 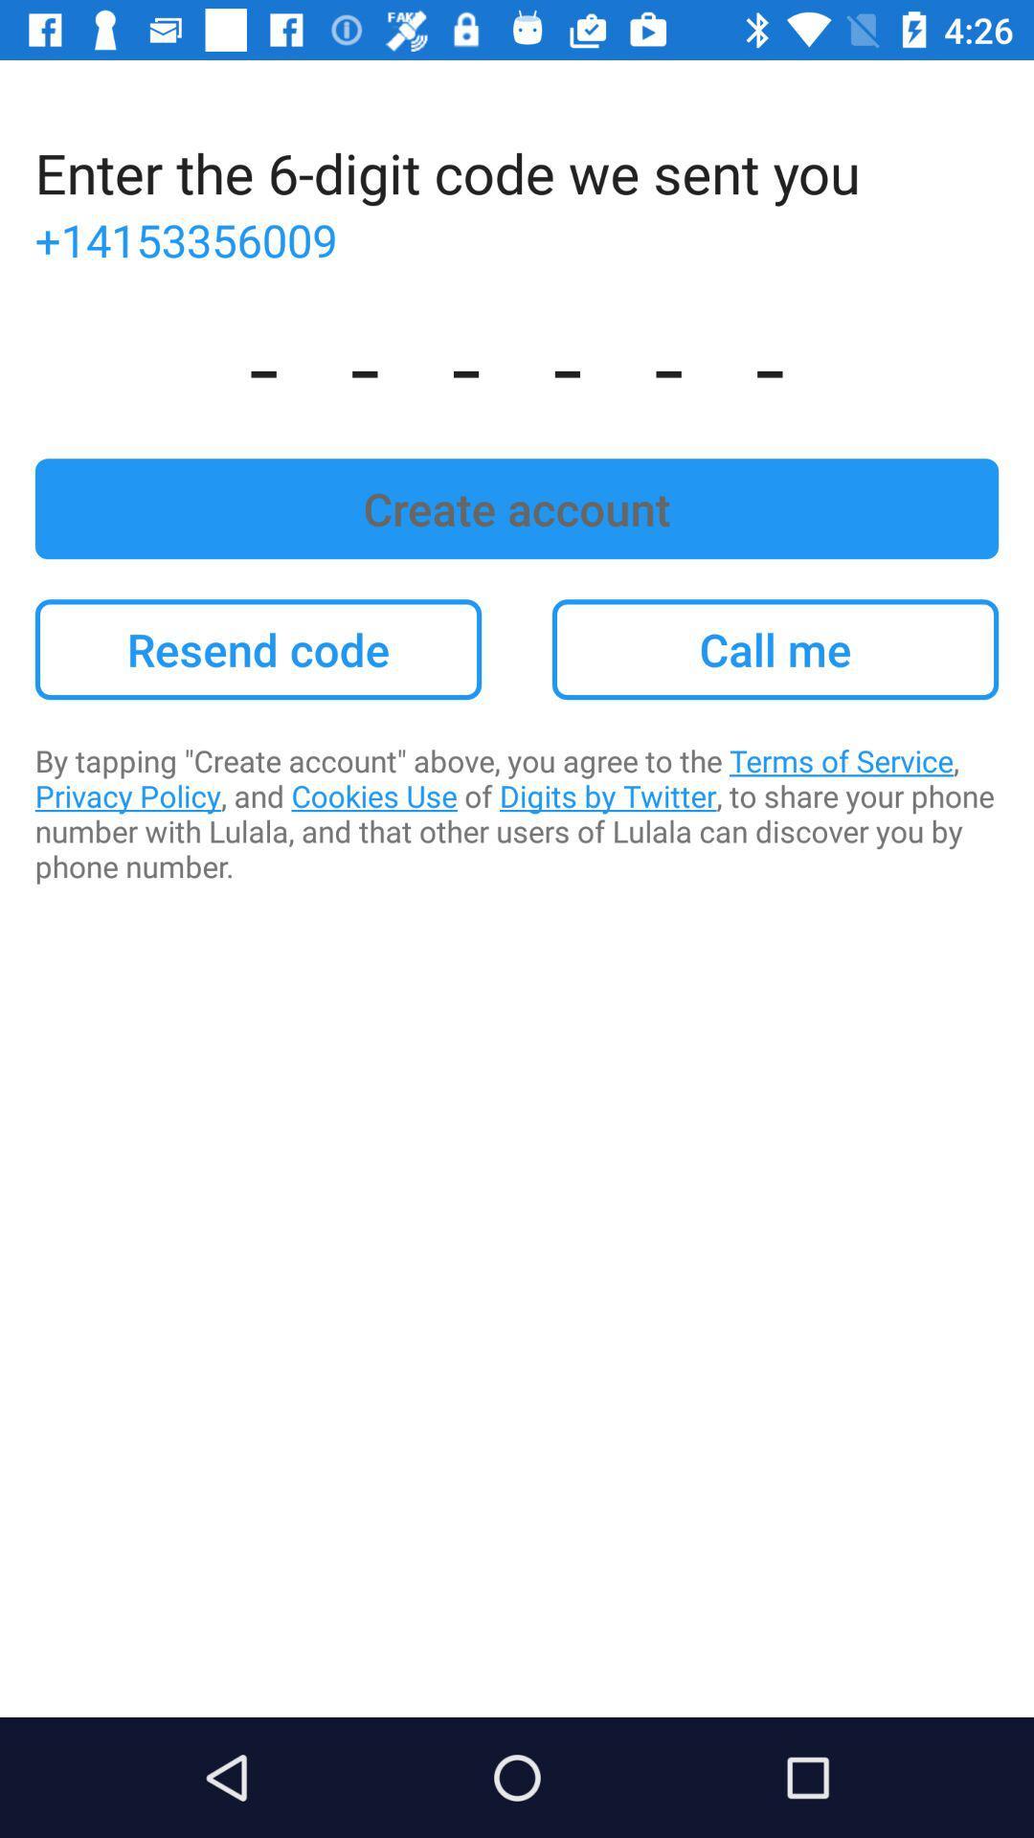 What do you see at coordinates (517, 238) in the screenshot?
I see `the icon above - - - - - -` at bounding box center [517, 238].